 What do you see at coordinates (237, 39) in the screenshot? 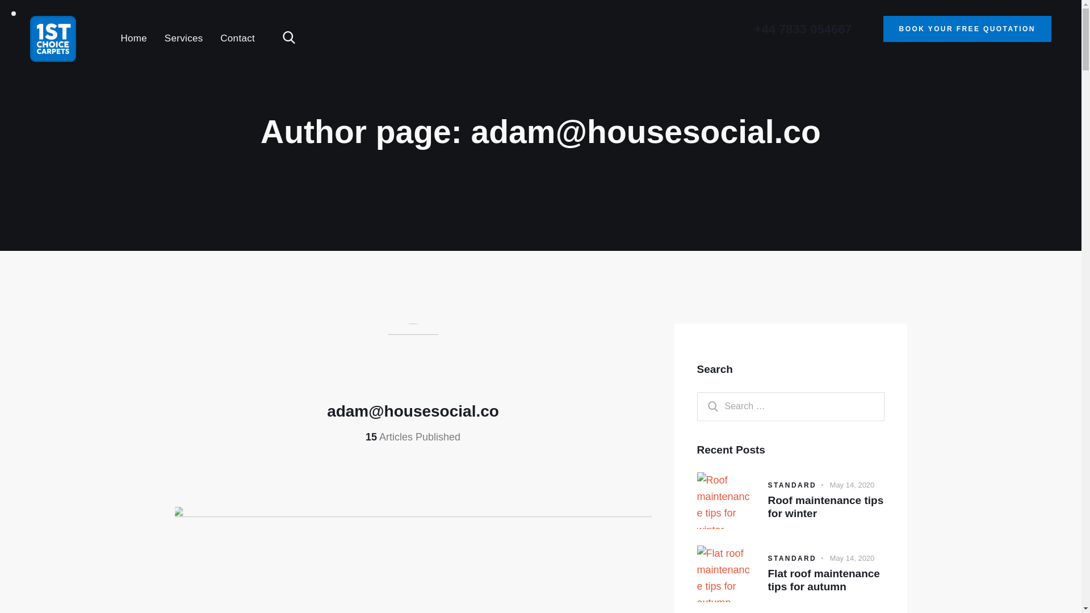
I see `'Contact'` at bounding box center [237, 39].